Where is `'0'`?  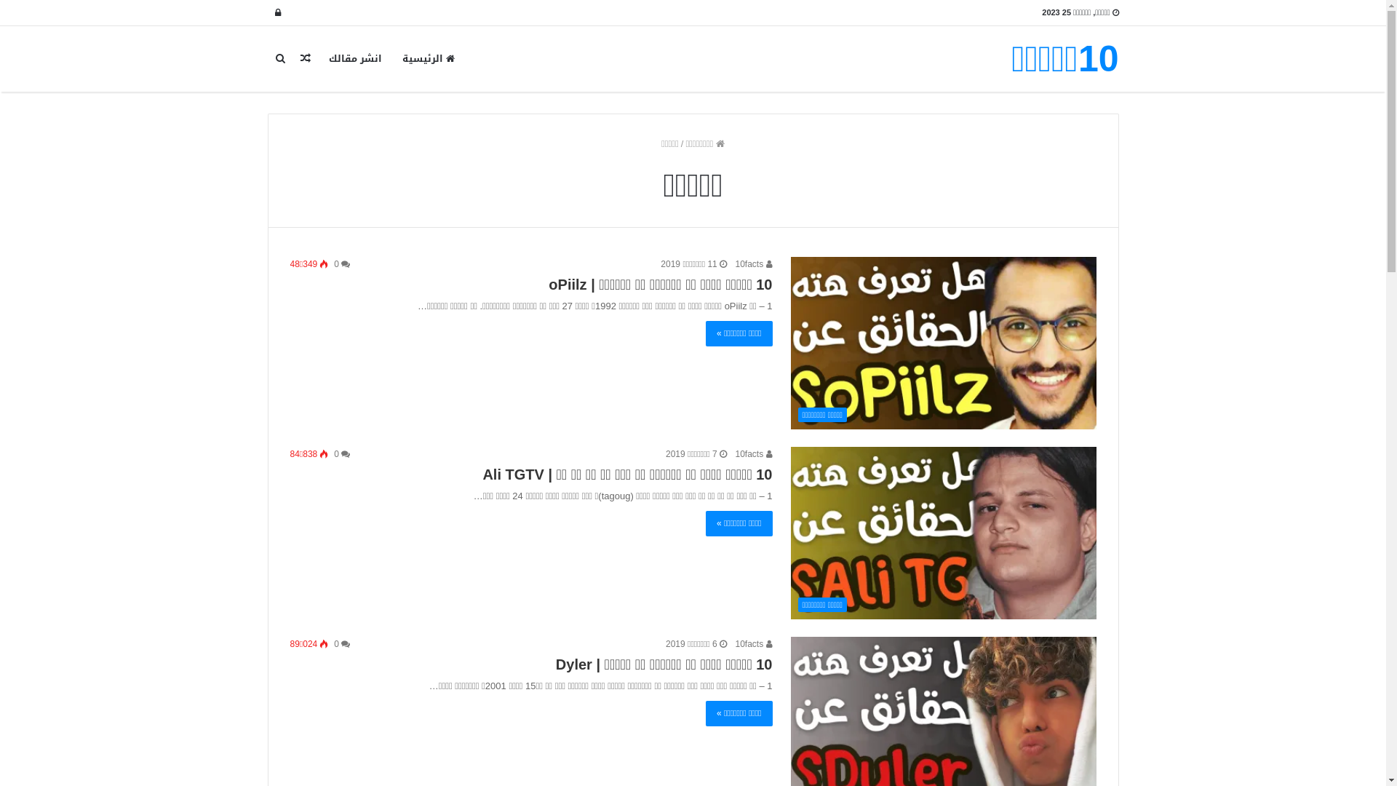
'0' is located at coordinates (341, 643).